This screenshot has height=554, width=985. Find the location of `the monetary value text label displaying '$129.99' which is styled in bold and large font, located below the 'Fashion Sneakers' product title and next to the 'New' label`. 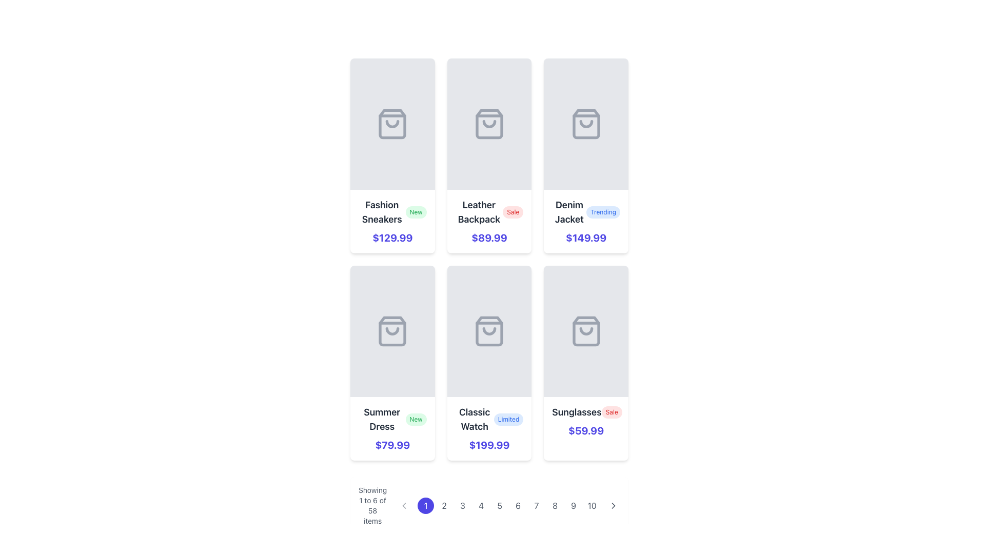

the monetary value text label displaying '$129.99' which is styled in bold and large font, located below the 'Fashion Sneakers' product title and next to the 'New' label is located at coordinates (392, 238).